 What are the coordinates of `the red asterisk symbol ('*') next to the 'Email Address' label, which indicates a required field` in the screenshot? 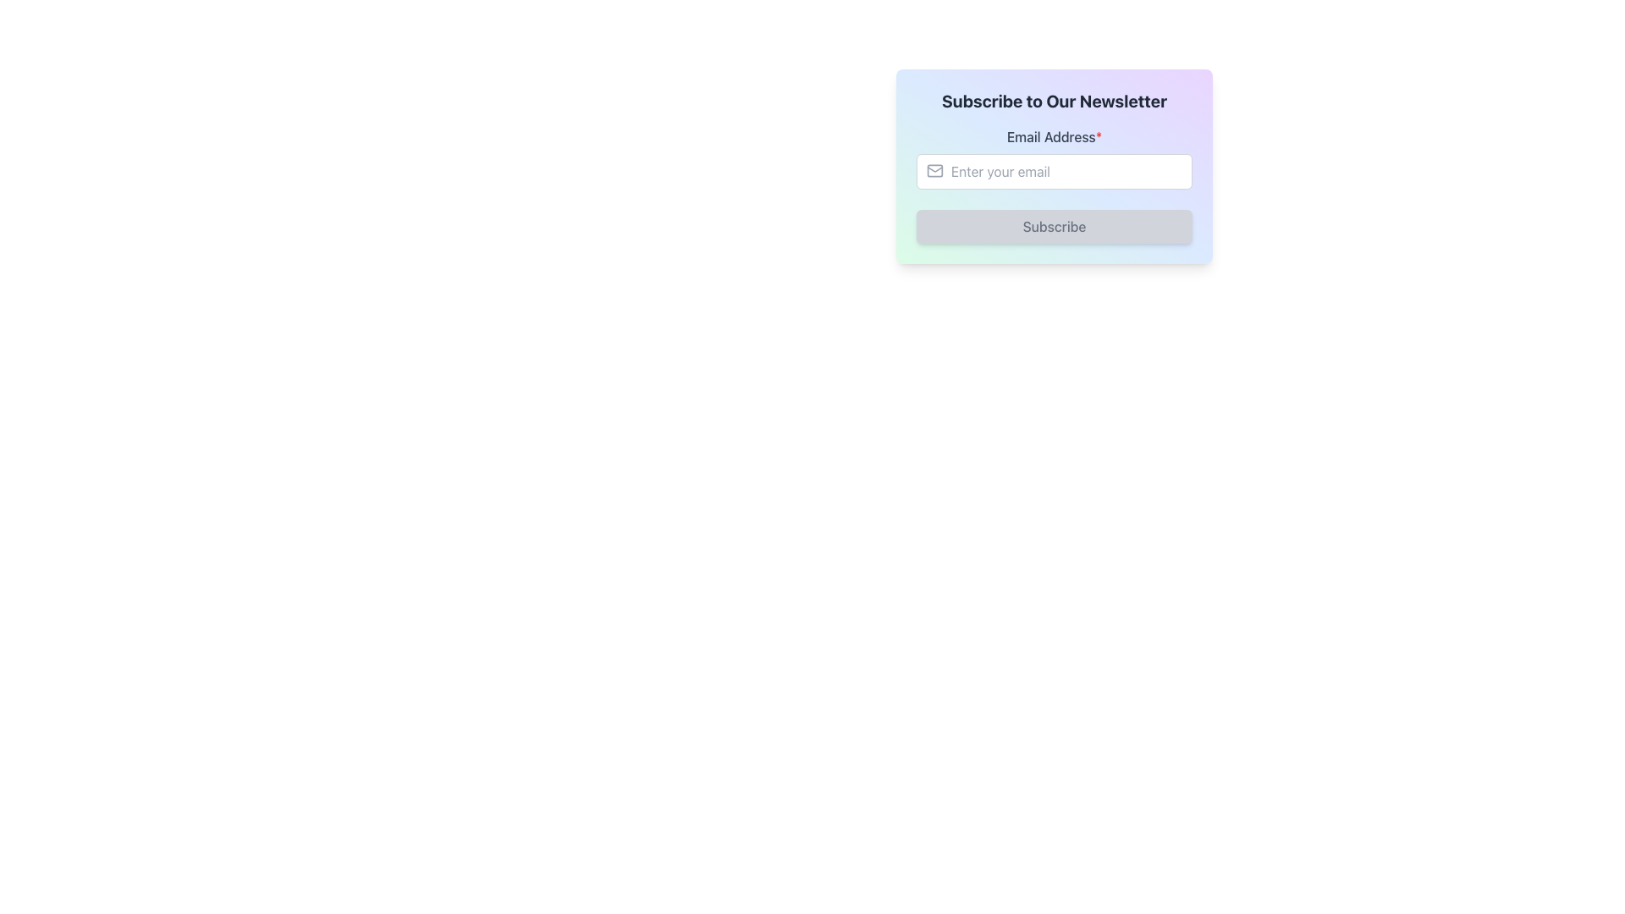 It's located at (1099, 136).